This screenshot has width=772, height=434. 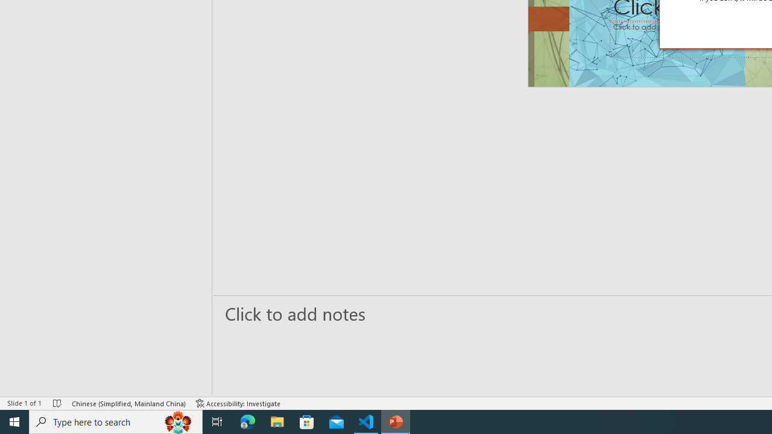 I want to click on 'Task View', so click(x=217, y=421).